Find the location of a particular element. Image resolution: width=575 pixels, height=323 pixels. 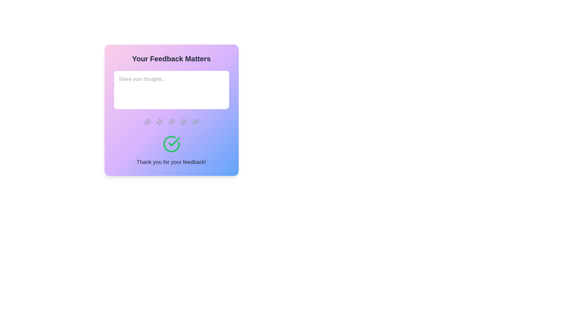

the sixth sparkle-shaped rating icon is located at coordinates (195, 122).